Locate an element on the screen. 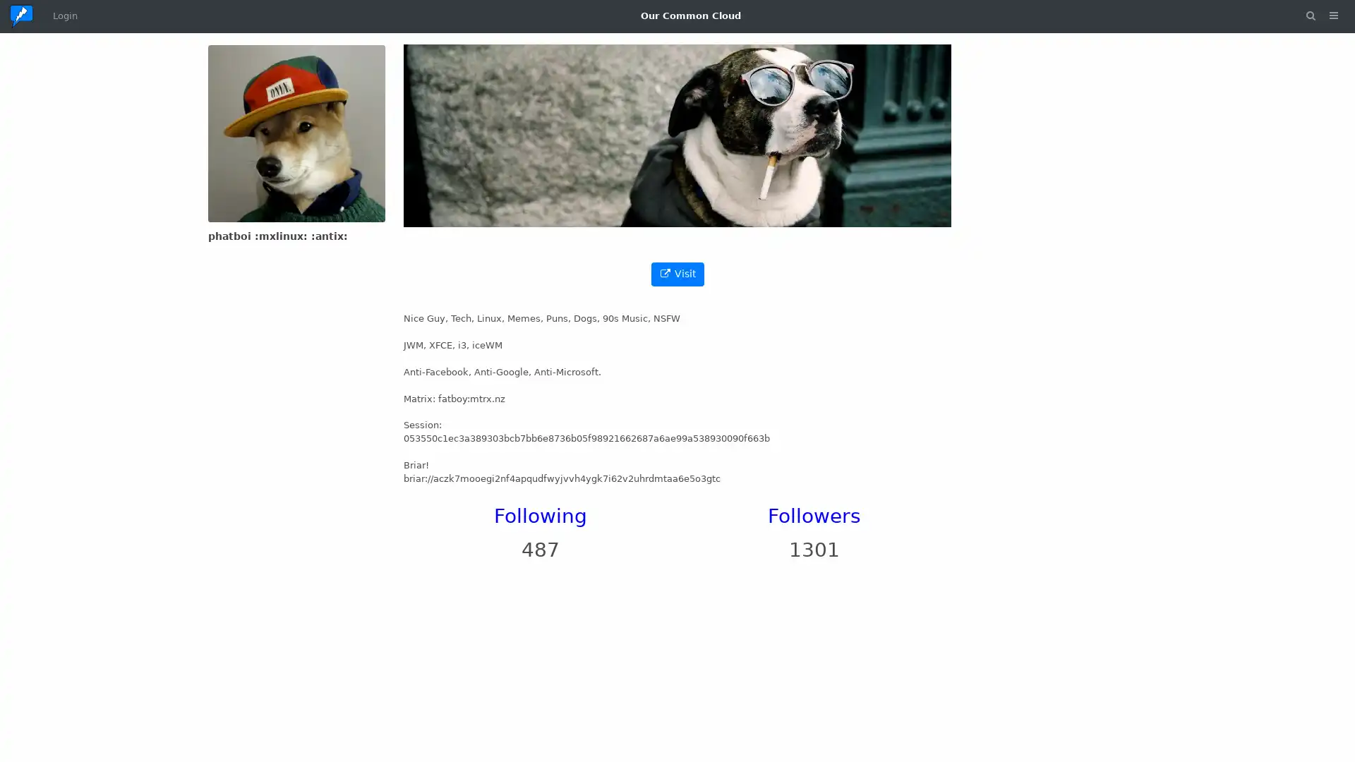 This screenshot has height=762, width=1355. Visit is located at coordinates (676, 274).